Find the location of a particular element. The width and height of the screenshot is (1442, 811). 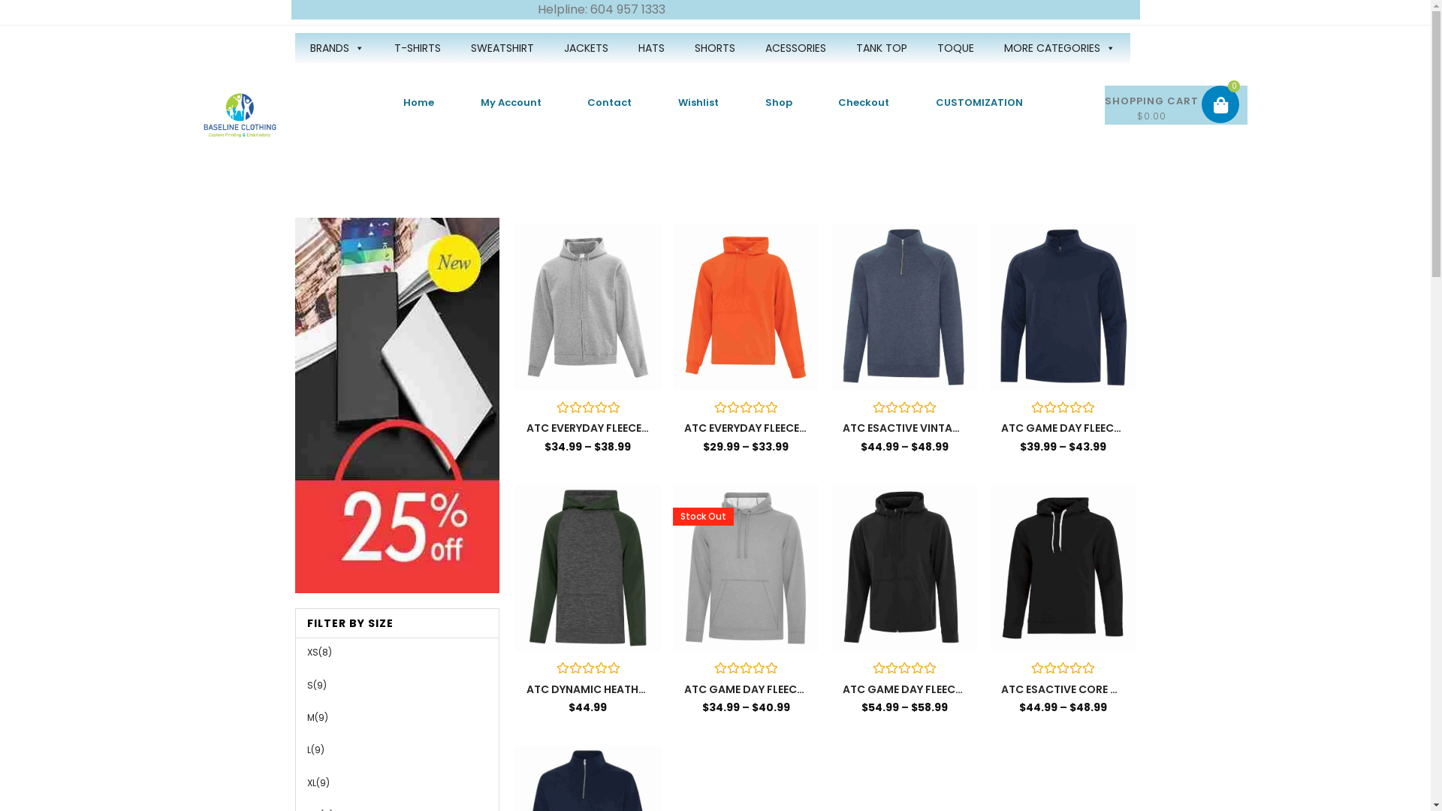

'MORE CATEGORIES' is located at coordinates (1058, 47).